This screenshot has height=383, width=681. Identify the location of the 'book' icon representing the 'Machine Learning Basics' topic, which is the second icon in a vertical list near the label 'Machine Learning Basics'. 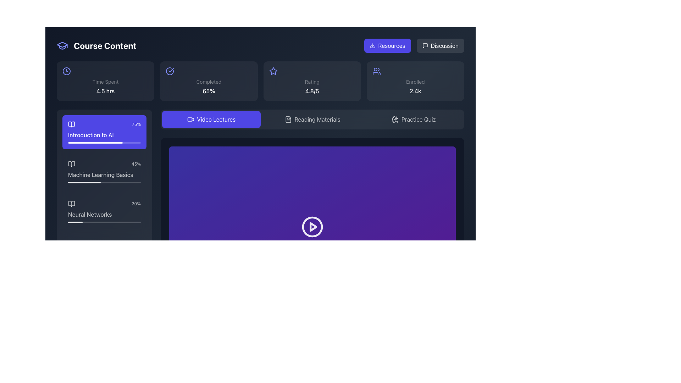
(71, 164).